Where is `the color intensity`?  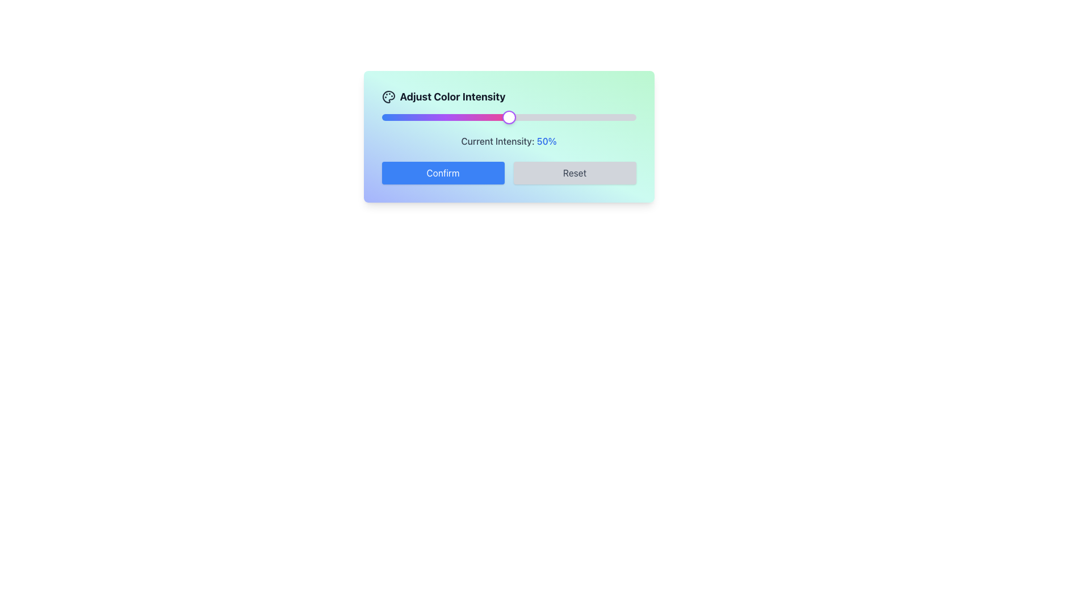 the color intensity is located at coordinates (618, 117).